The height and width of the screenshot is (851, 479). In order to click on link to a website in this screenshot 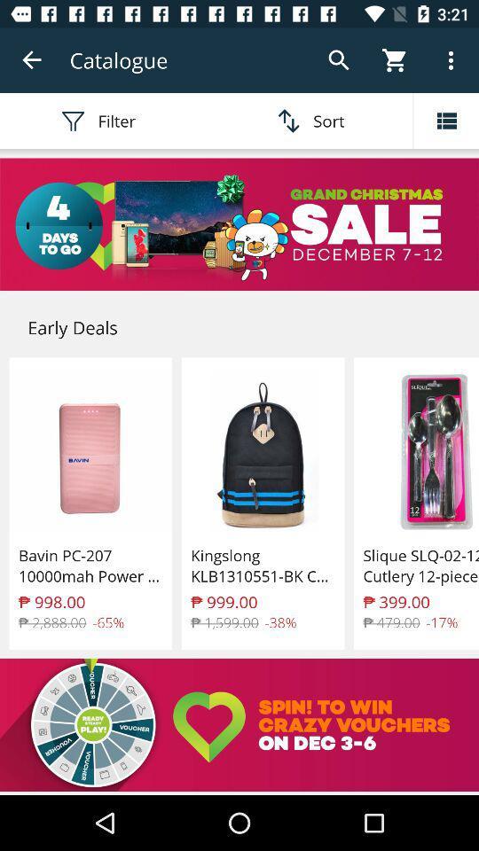, I will do `click(239, 725)`.